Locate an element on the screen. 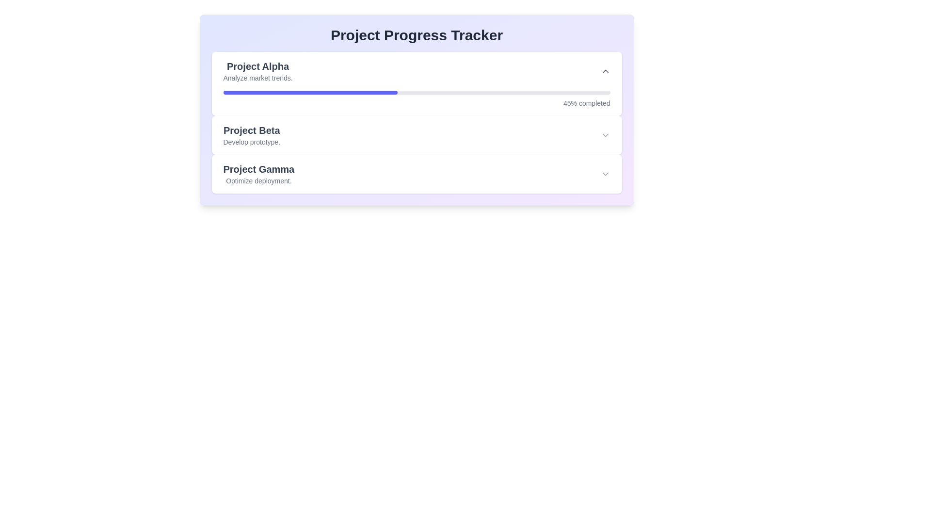  the informational text block displaying the title and summary of the project 'Gamma', located in the lower section of the 'Project Progress Tracker' list as the third item is located at coordinates (258, 173).